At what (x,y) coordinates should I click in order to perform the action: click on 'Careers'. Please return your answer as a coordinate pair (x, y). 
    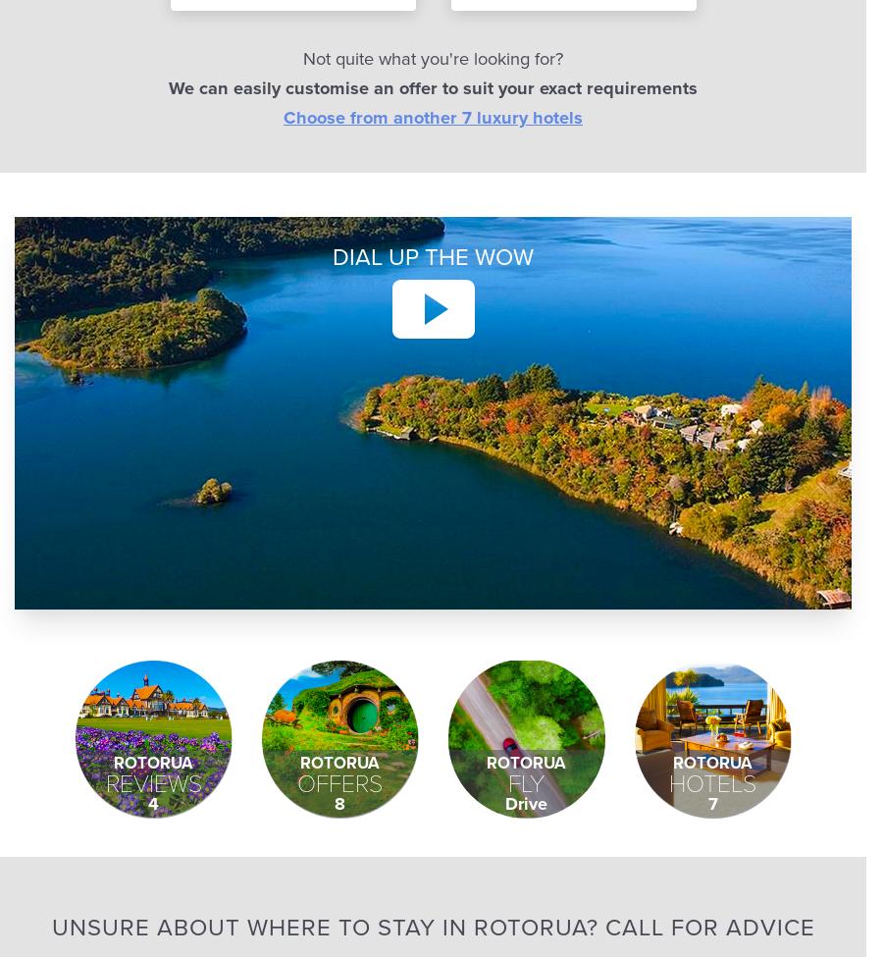
    Looking at the image, I should click on (483, 88).